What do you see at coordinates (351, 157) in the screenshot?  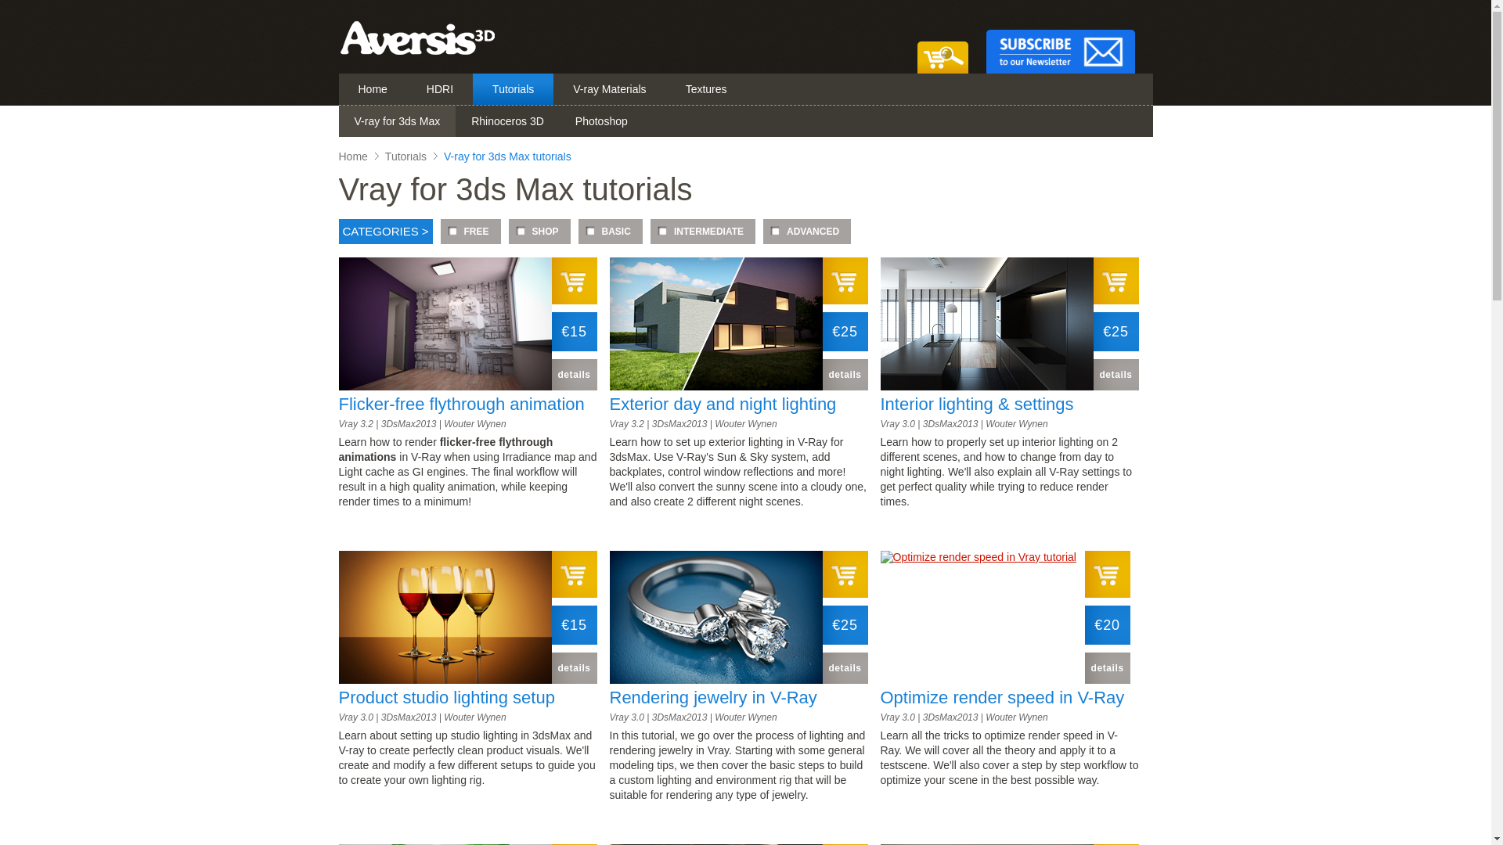 I see `'Home'` at bounding box center [351, 157].